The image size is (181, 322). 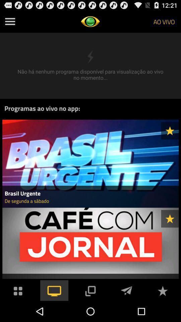 What do you see at coordinates (10, 23) in the screenshot?
I see `the menu icon` at bounding box center [10, 23].